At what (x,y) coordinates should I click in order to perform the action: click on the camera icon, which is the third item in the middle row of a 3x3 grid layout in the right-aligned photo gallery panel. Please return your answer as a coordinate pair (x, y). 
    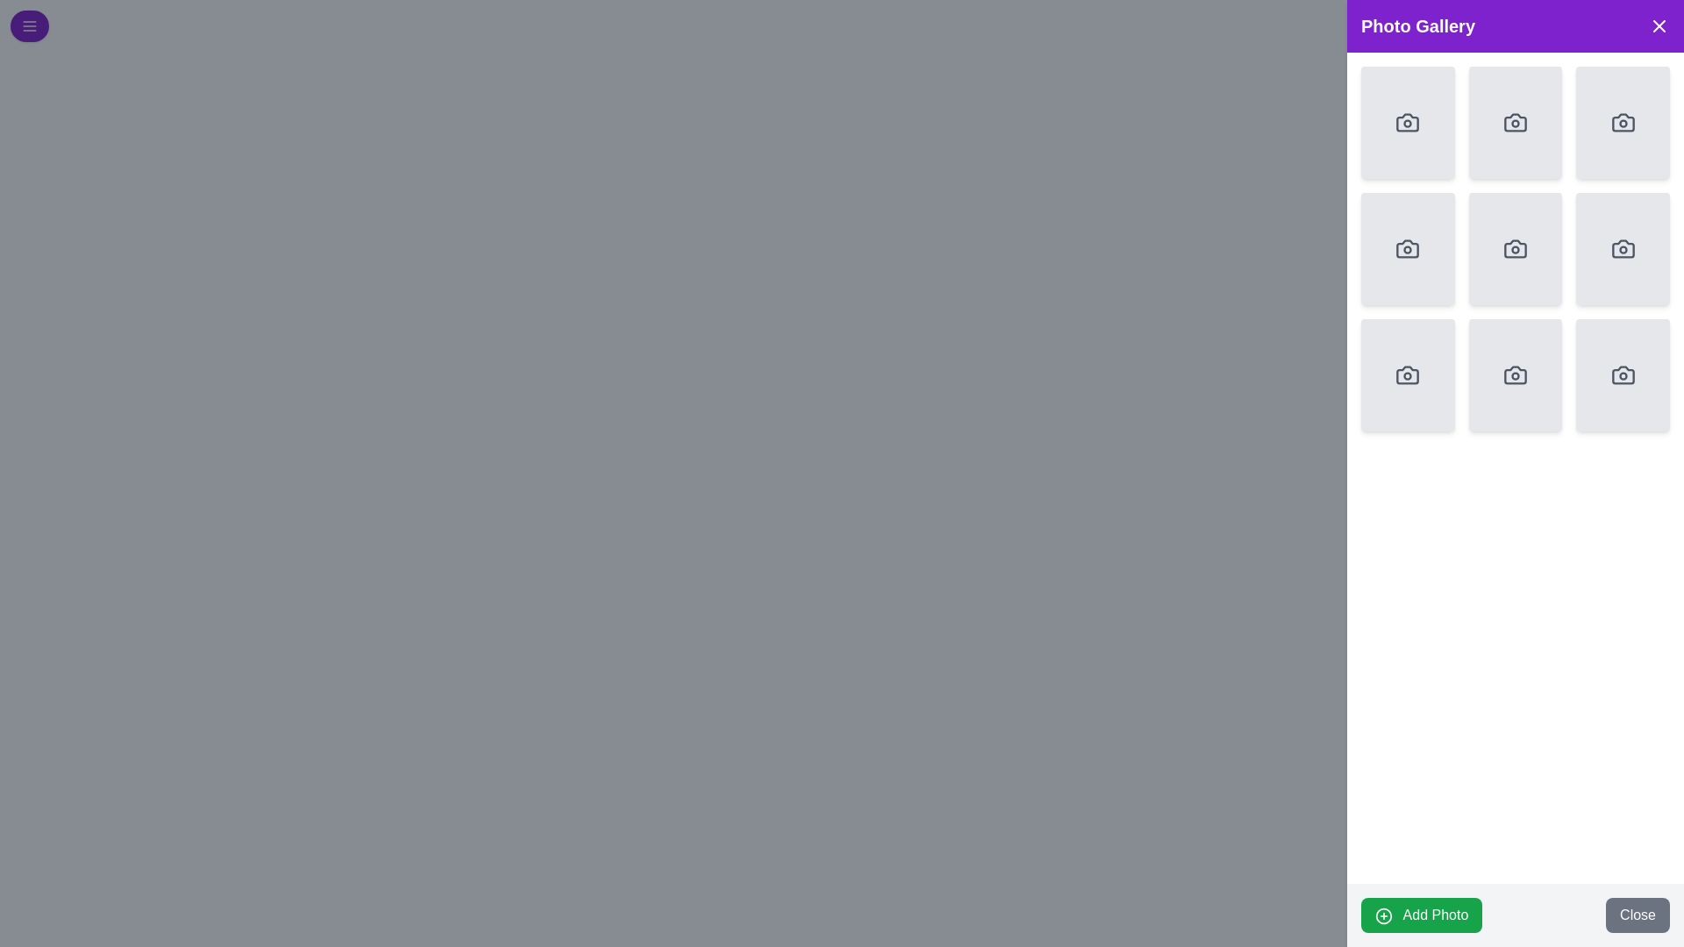
    Looking at the image, I should click on (1515, 374).